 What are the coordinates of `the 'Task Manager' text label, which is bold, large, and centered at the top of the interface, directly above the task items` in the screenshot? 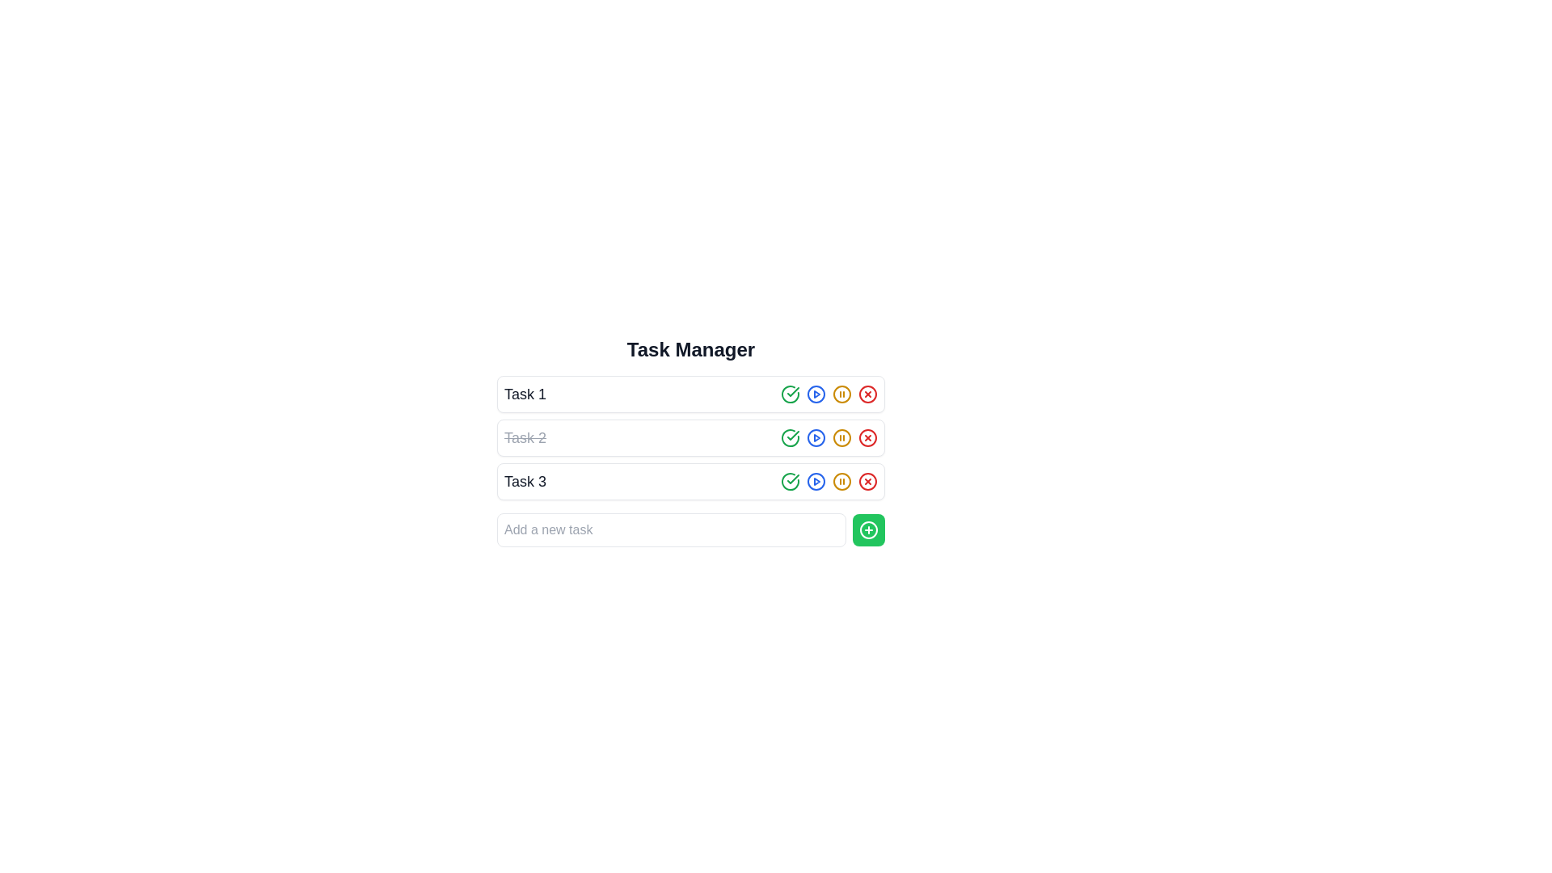 It's located at (690, 348).